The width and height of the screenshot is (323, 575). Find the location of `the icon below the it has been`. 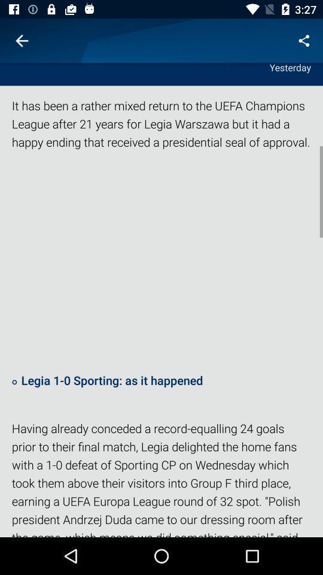

the icon below the it has been is located at coordinates (161, 261).